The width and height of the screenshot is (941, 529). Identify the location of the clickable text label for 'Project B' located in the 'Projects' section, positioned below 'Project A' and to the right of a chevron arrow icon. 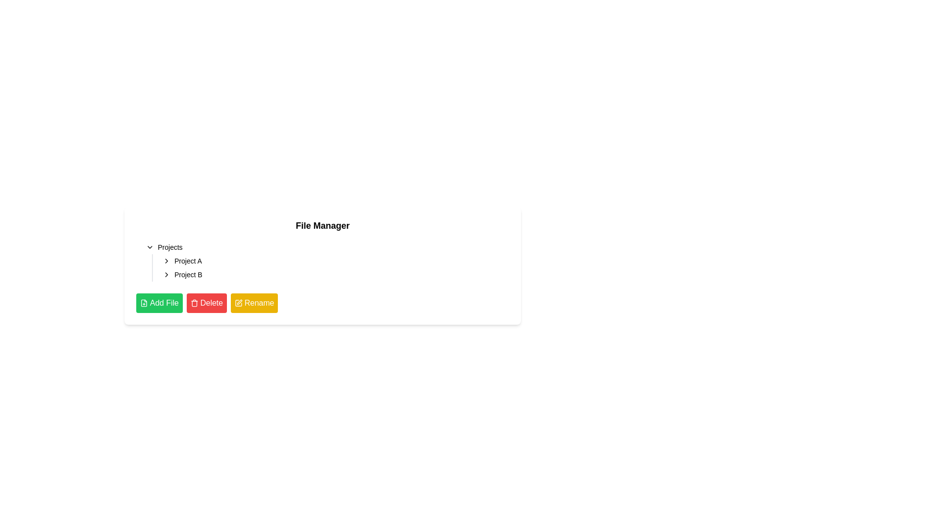
(188, 274).